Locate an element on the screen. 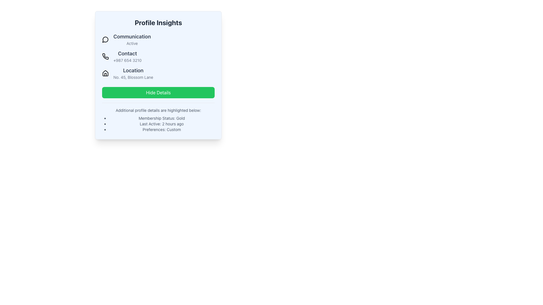  text label displaying 'Membership Status: Gold' which is the first item in a bulleted list under the 'Additional profile details are highlighted below:' note is located at coordinates (161, 118).